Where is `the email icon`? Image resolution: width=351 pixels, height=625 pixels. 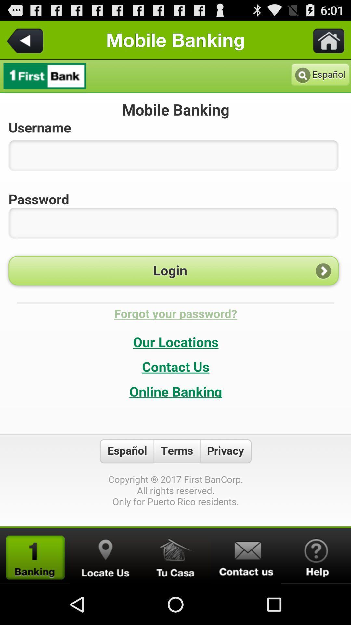 the email icon is located at coordinates (246, 595).